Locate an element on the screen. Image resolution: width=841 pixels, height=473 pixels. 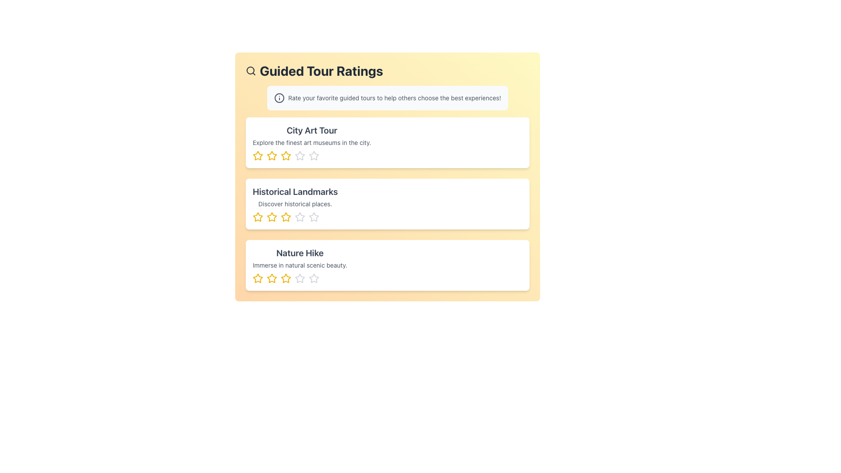
the small circular icon with a magnifying glass representation, located adjacent to the text 'Guided Tour Ratings' at the top-left corner of the main content section is located at coordinates (250, 71).